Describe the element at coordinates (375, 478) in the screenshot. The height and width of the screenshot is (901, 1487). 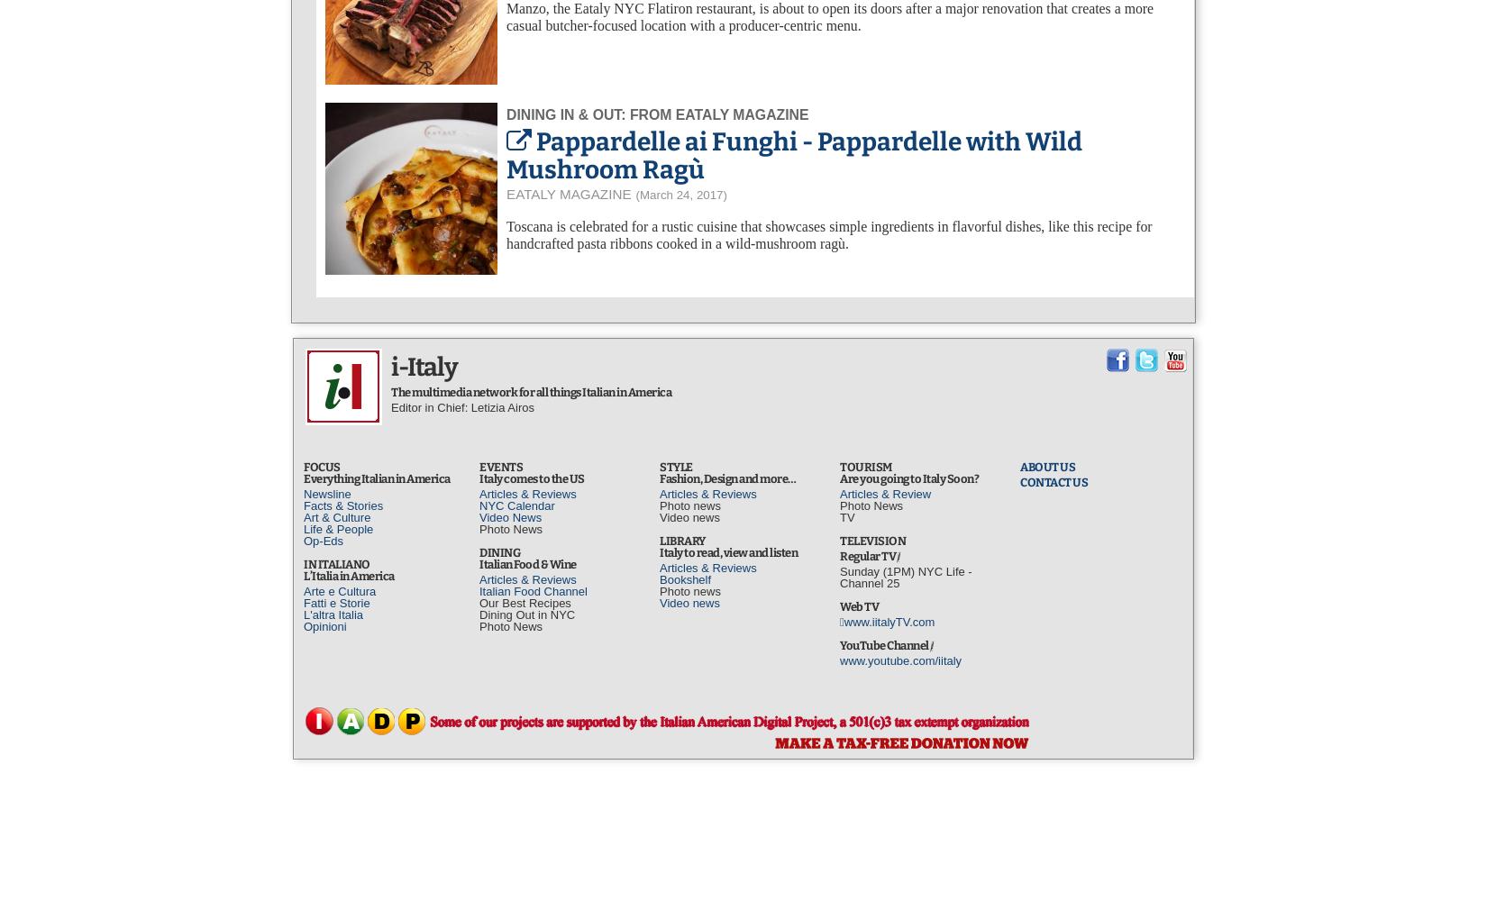
I see `'Everything Italian in America'` at that location.